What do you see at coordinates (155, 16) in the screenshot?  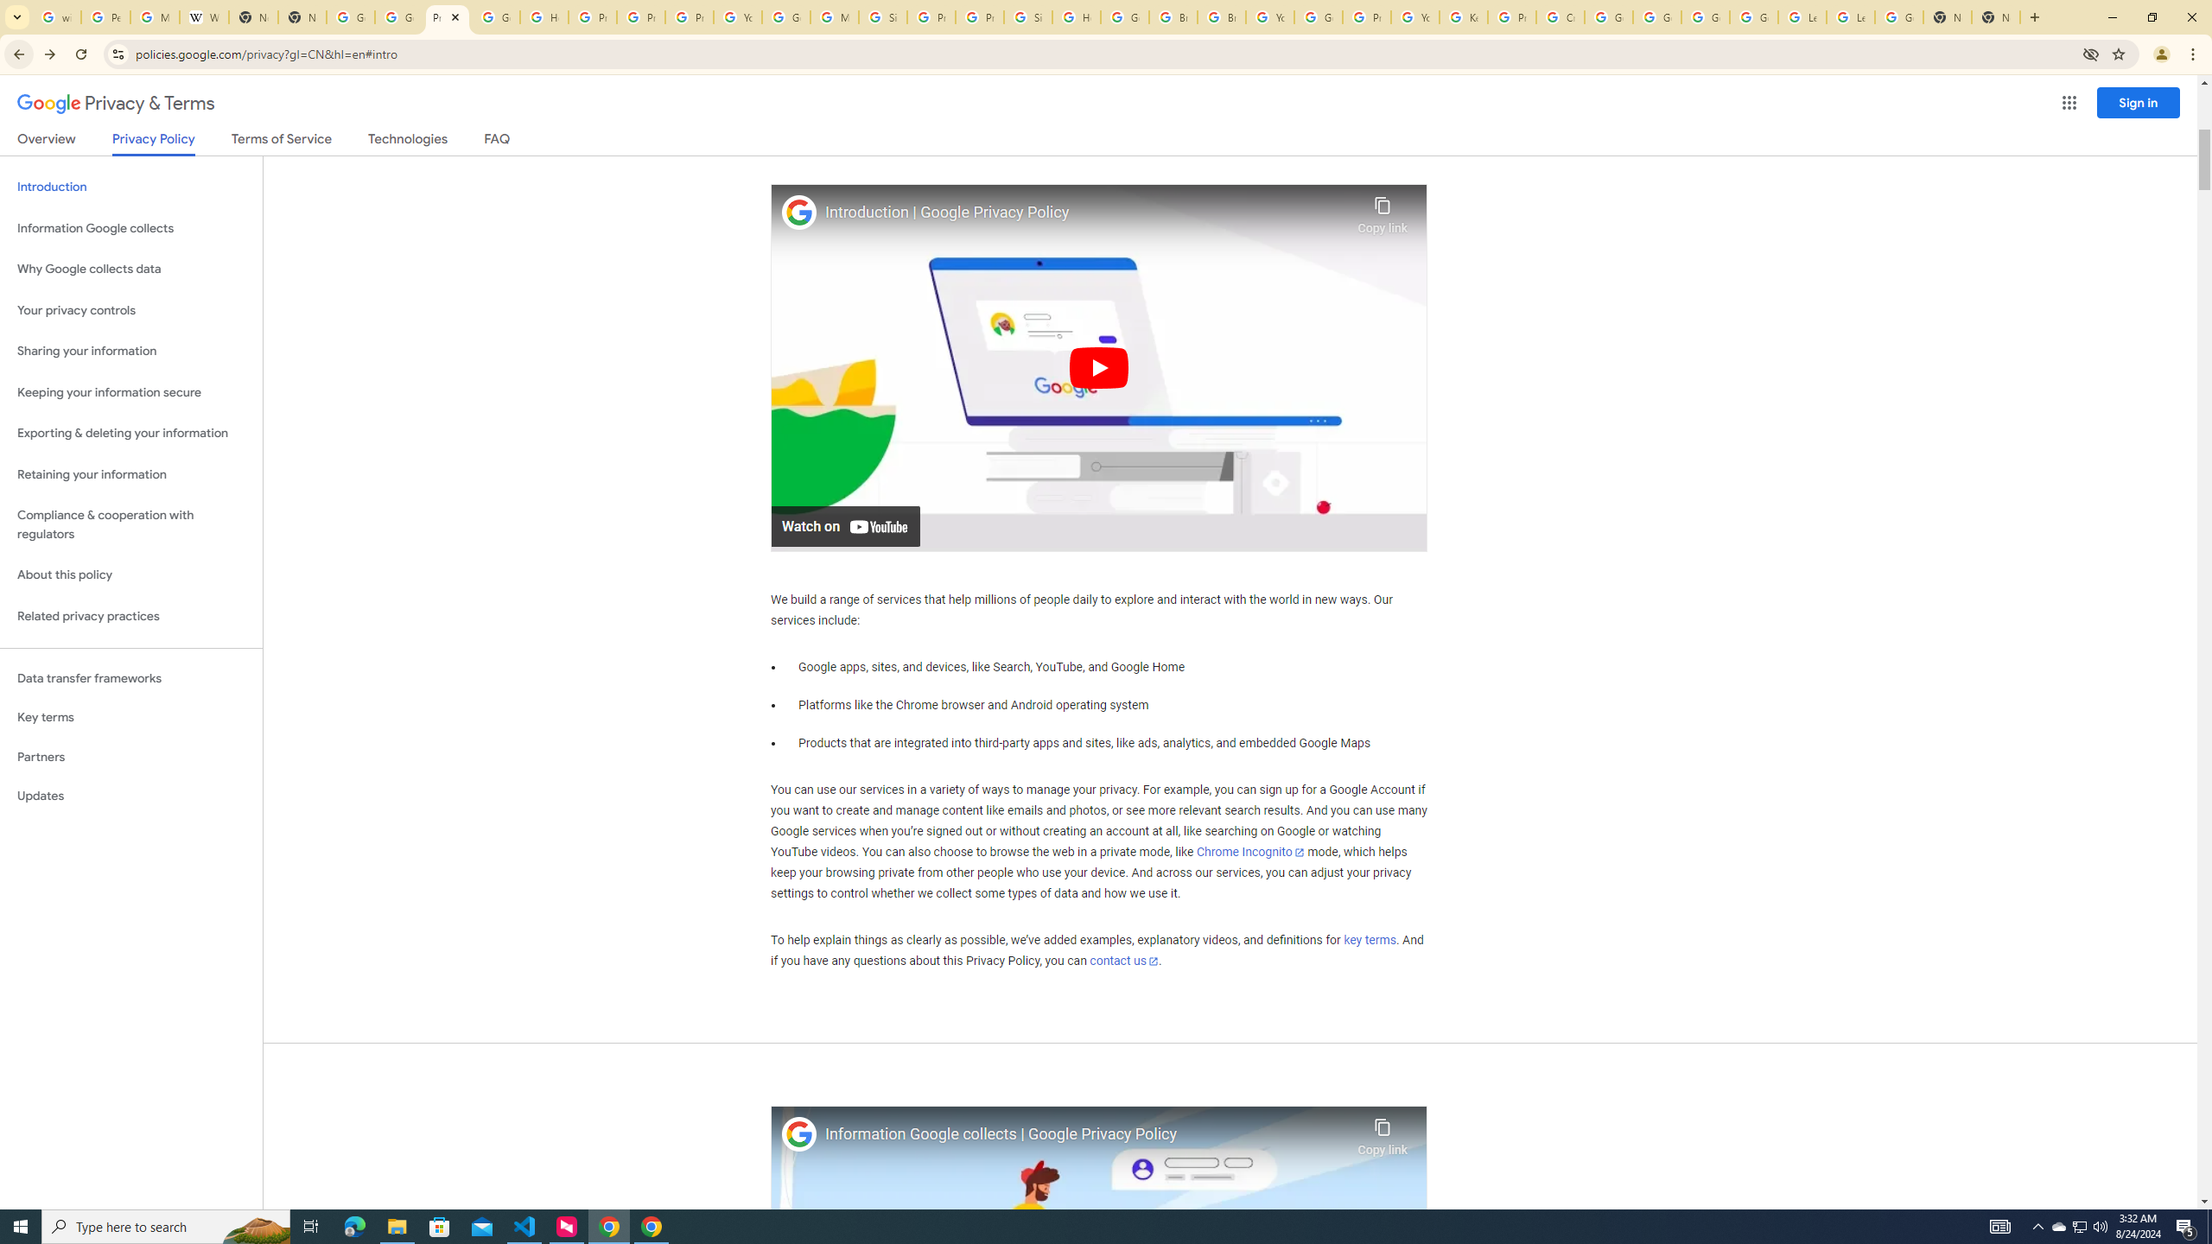 I see `'Manage your Location History - Google Search Help'` at bounding box center [155, 16].